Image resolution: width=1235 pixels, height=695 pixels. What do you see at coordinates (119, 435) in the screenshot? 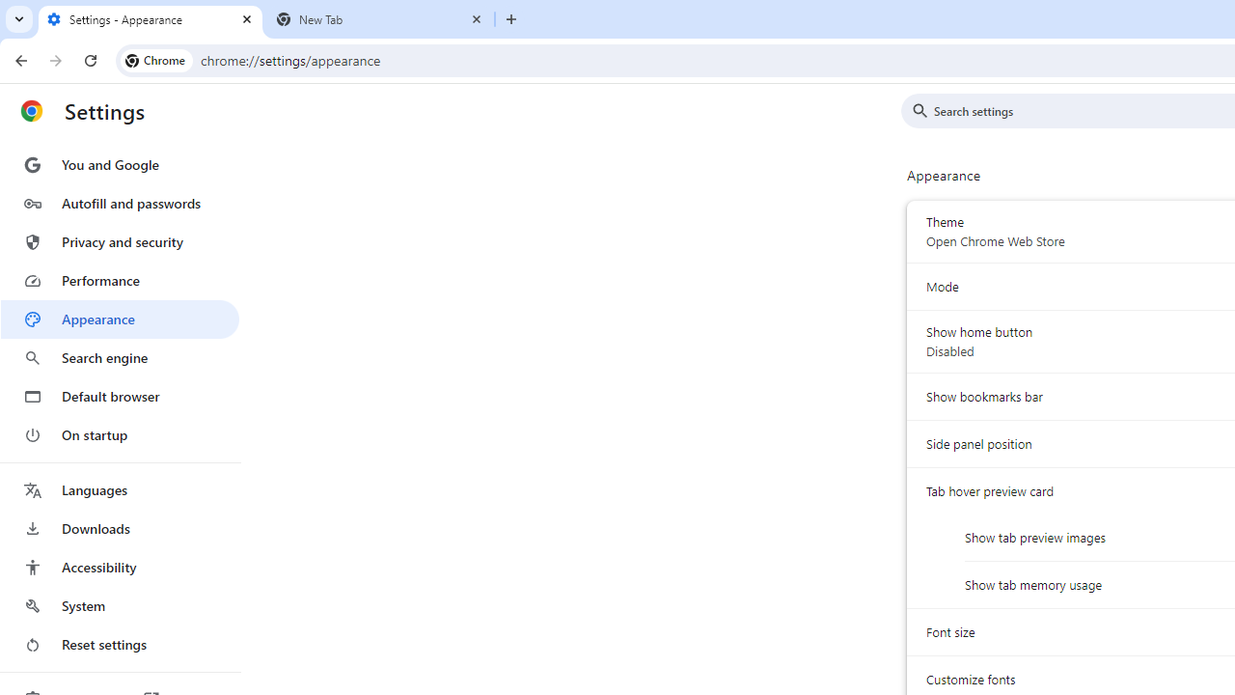
I see `'On startup'` at bounding box center [119, 435].